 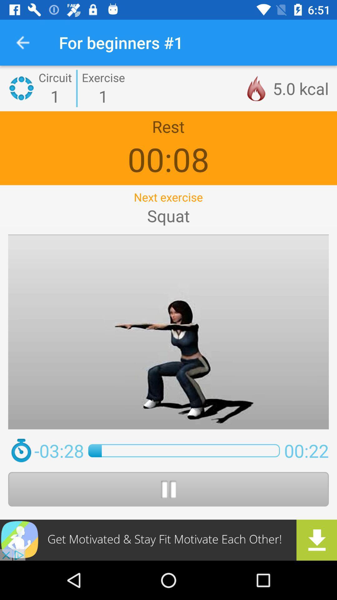 What do you see at coordinates (168, 489) in the screenshot?
I see `pause workout` at bounding box center [168, 489].